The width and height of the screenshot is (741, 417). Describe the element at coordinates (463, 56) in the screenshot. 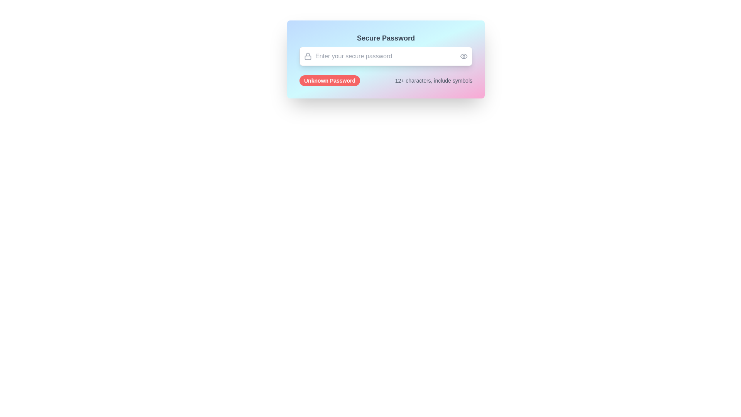

I see `the visibility toggle button located on the far right side of the password input field` at that location.